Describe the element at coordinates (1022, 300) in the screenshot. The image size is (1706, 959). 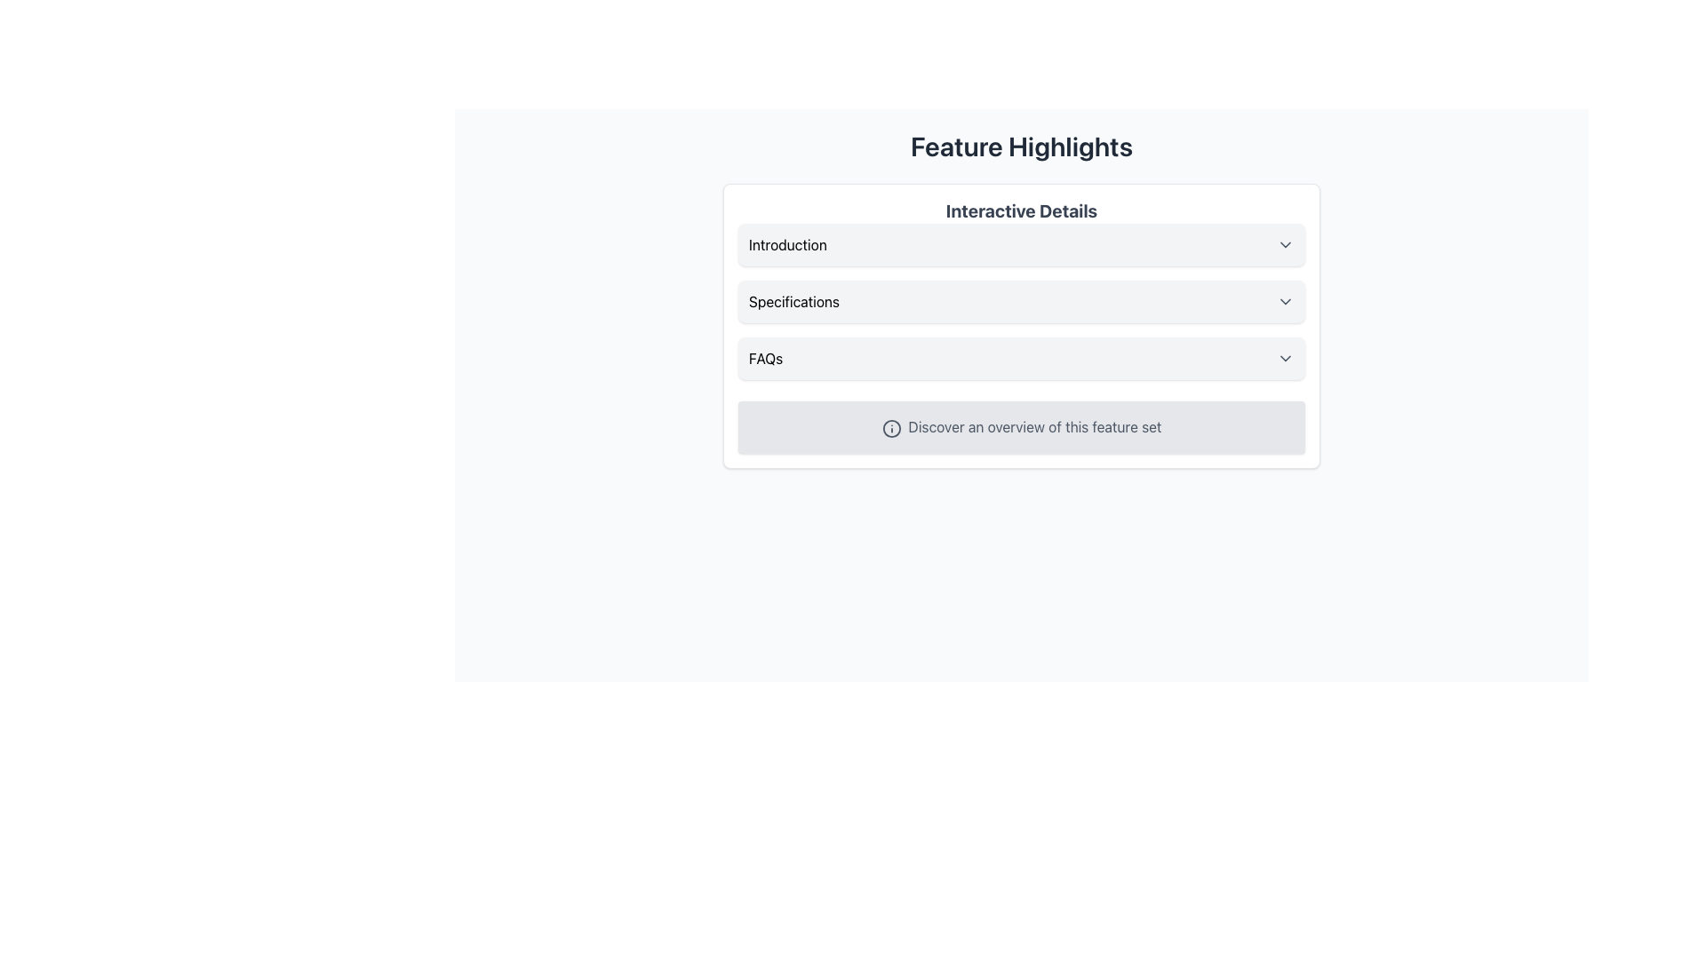
I see `the 'Specifications' button located in the 'Interactive Details' box, positioned between the 'Introduction' and 'FAQs' options` at that location.